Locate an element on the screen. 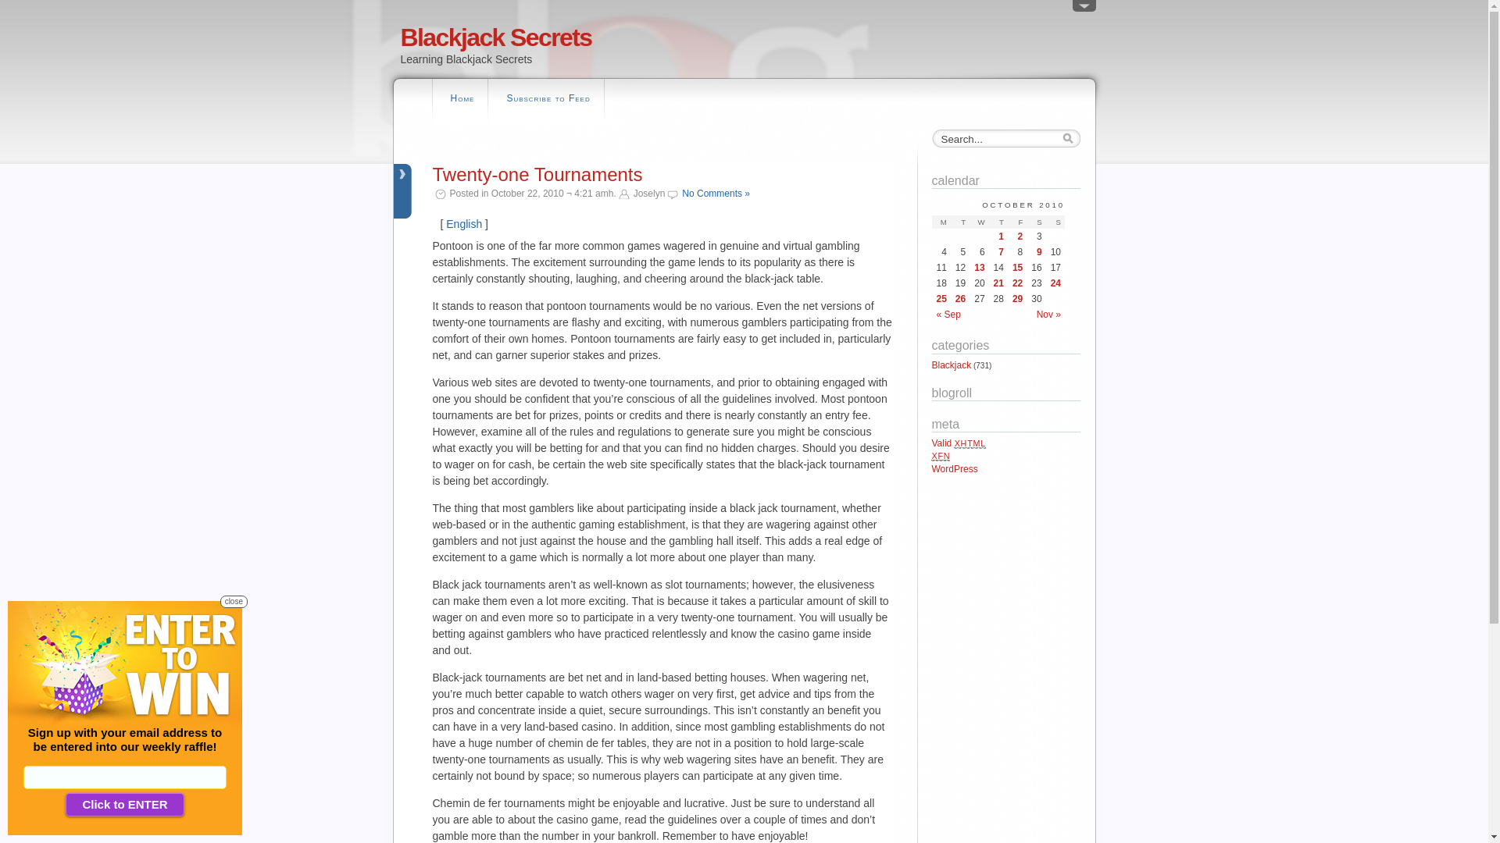 This screenshot has width=1500, height=843. '9' is located at coordinates (1036, 251).